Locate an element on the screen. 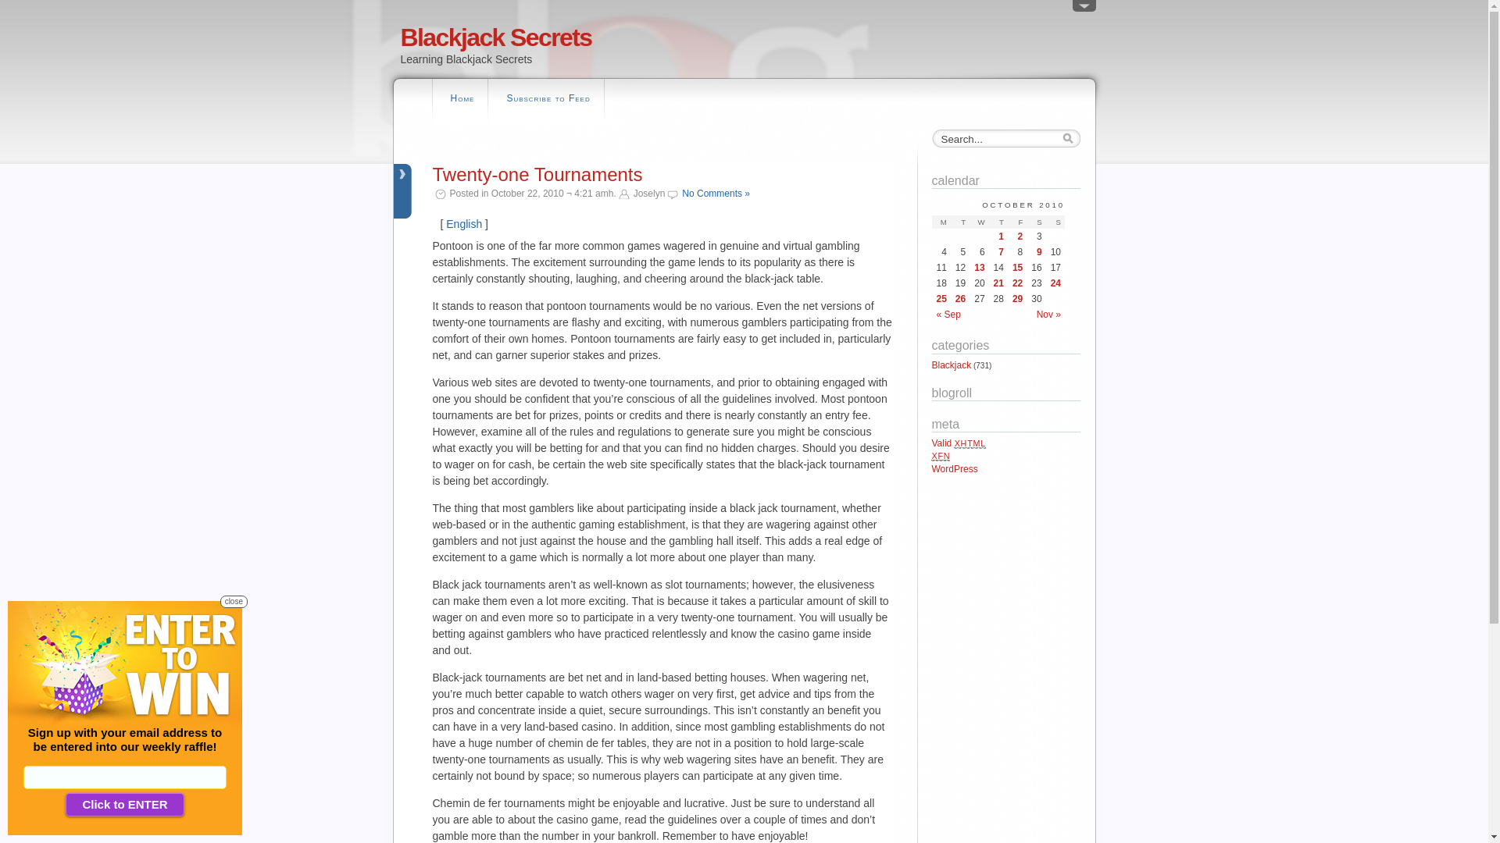 This screenshot has width=1500, height=843. '9' is located at coordinates (1036, 251).